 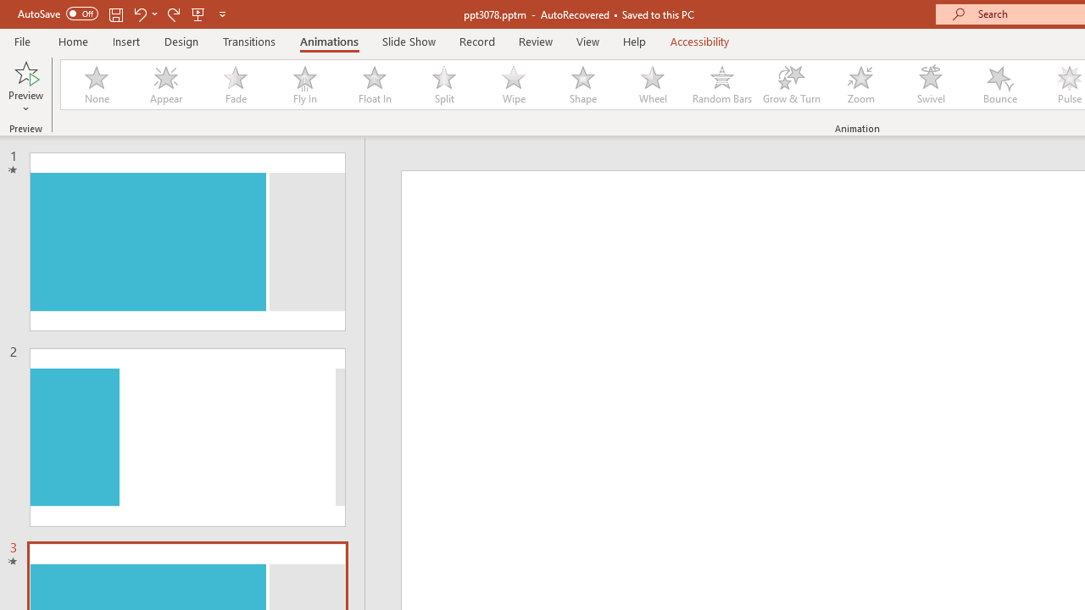 I want to click on 'Shape', so click(x=583, y=85).